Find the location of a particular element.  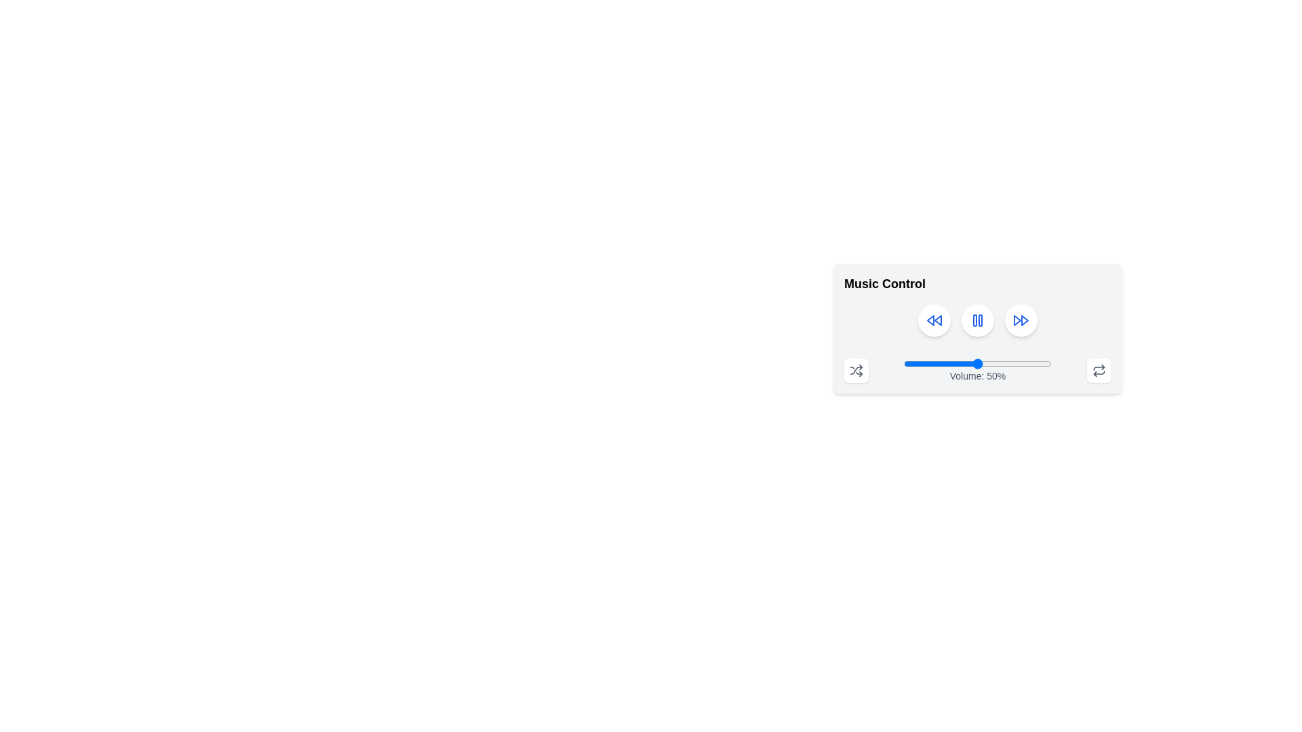

the repeat mode toggle button located in the music control panel interface is located at coordinates (1099, 371).